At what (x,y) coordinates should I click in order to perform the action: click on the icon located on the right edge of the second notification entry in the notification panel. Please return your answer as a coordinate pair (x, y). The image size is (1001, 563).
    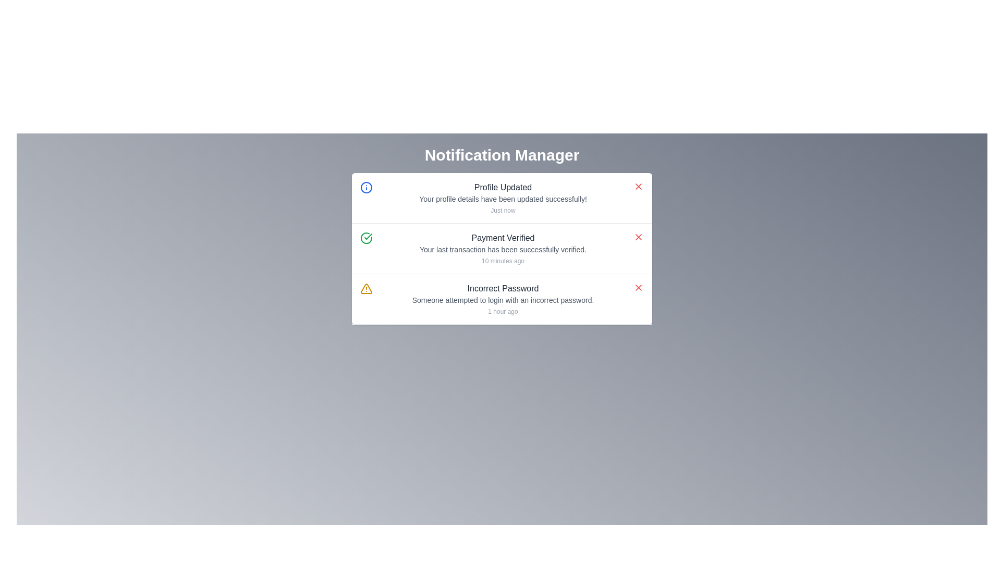
    Looking at the image, I should click on (638, 237).